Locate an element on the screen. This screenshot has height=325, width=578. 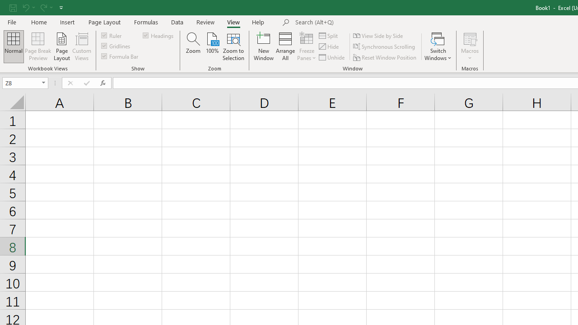
'Zoom...' is located at coordinates (193, 46).